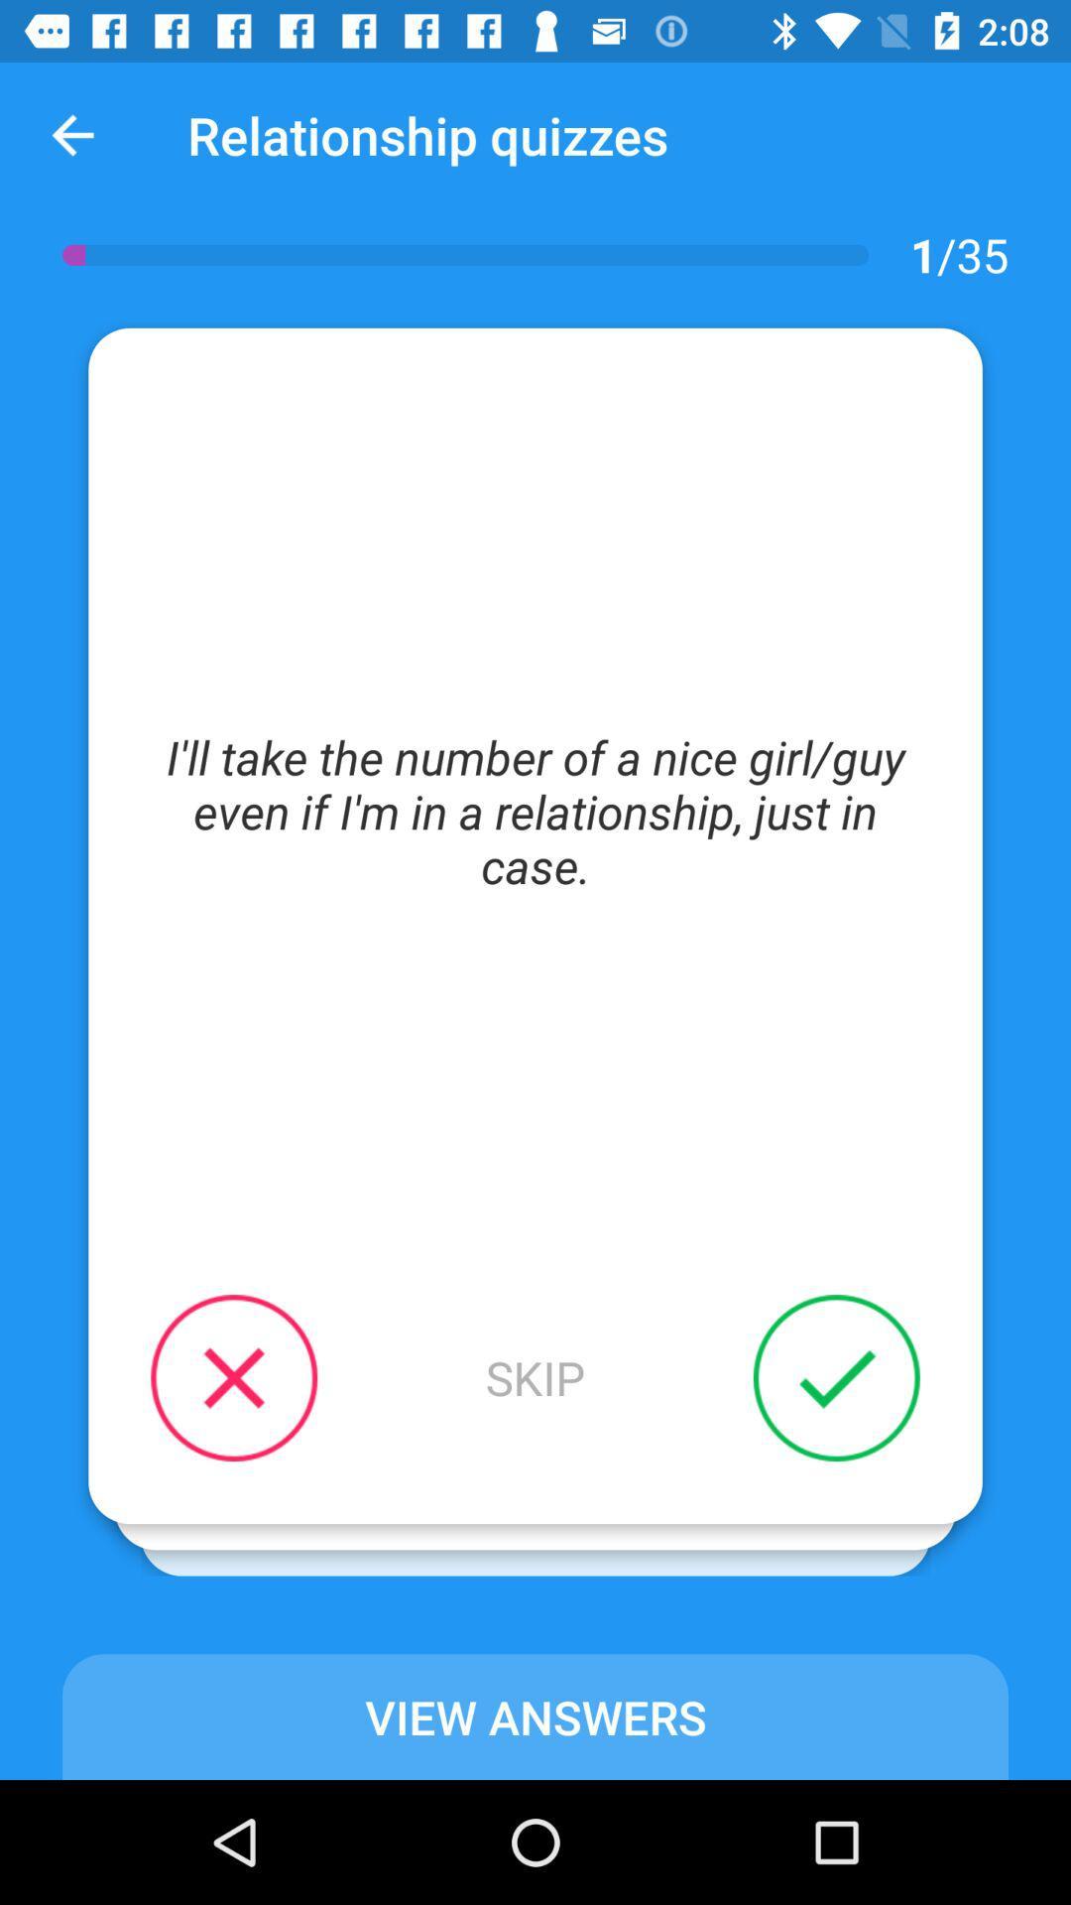 Image resolution: width=1071 pixels, height=1905 pixels. I want to click on the check icon, so click(783, 1430).